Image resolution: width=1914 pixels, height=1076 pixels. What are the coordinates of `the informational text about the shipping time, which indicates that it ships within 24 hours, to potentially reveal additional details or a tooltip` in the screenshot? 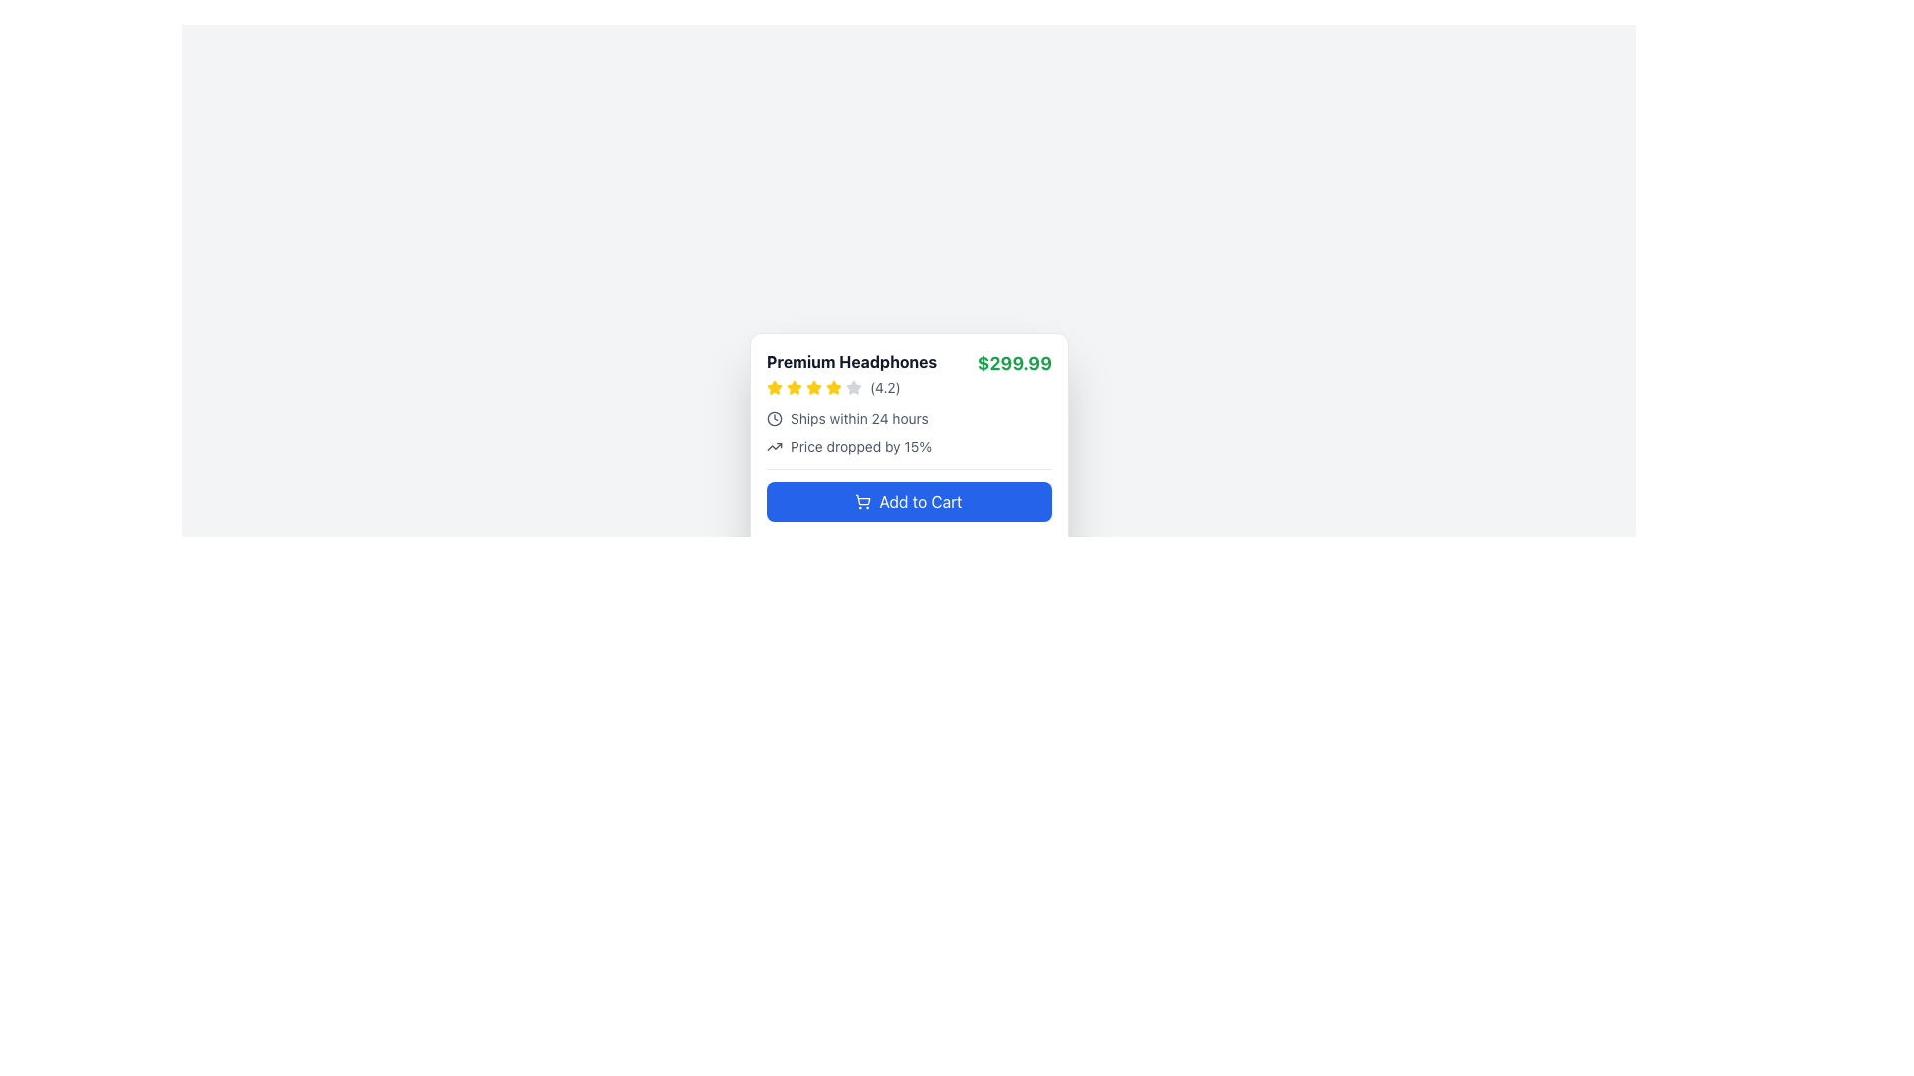 It's located at (908, 417).